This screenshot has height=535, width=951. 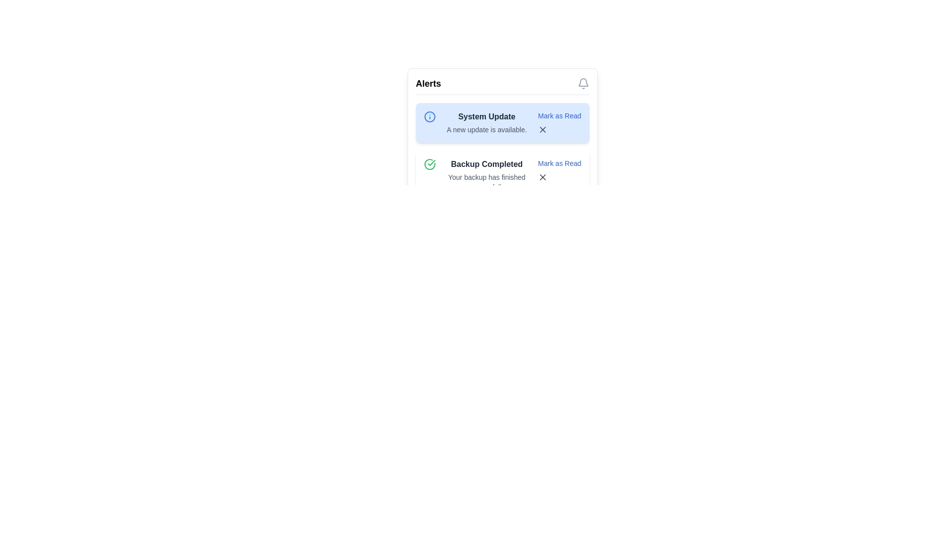 I want to click on the circular information icon with an 'i' character, which is vibrant blue and located at the far left of the notification card displaying 'System Update' and 'A new update is available.', so click(x=433, y=116).